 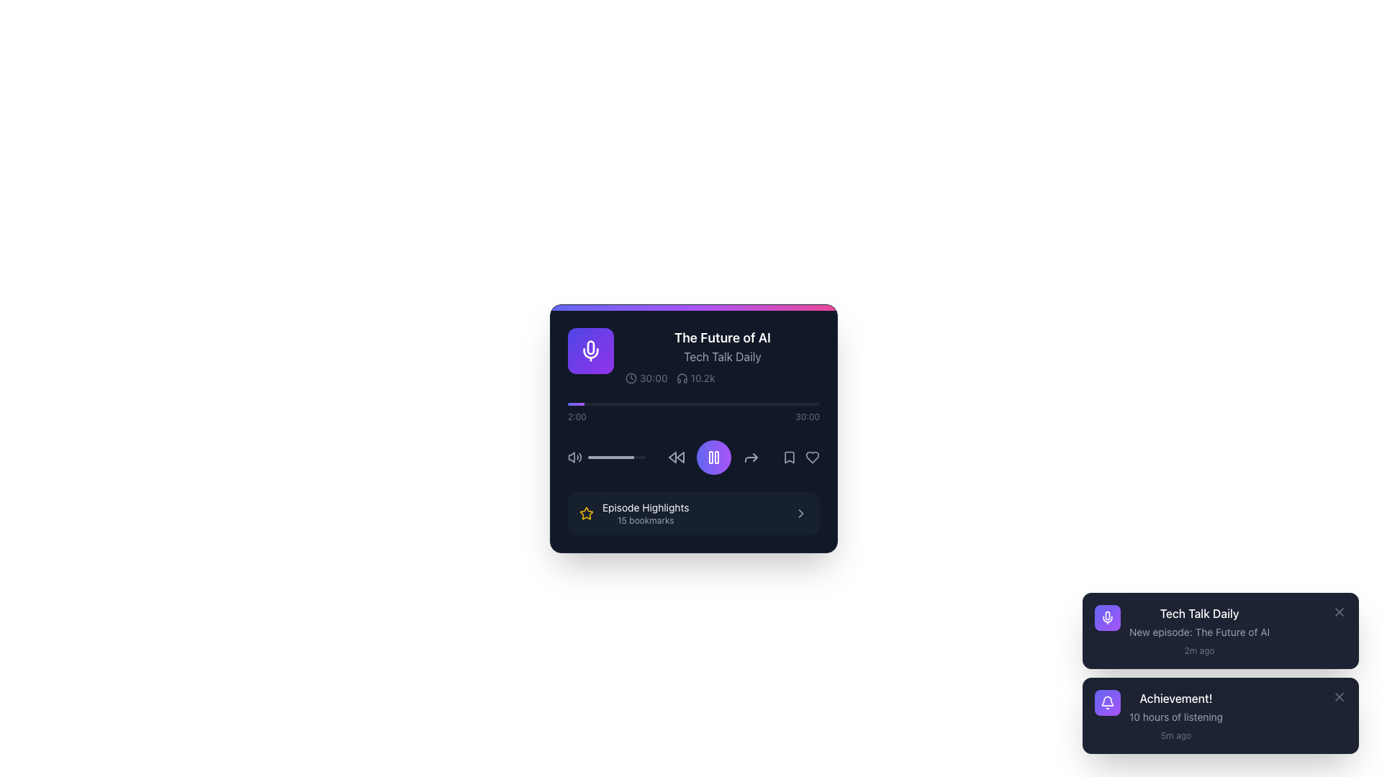 What do you see at coordinates (1339, 612) in the screenshot?
I see `the close button represented by an 'X' shape in gray, located in the top-right corner of the 'Tech Talk Daily' notification block to change its color` at bounding box center [1339, 612].